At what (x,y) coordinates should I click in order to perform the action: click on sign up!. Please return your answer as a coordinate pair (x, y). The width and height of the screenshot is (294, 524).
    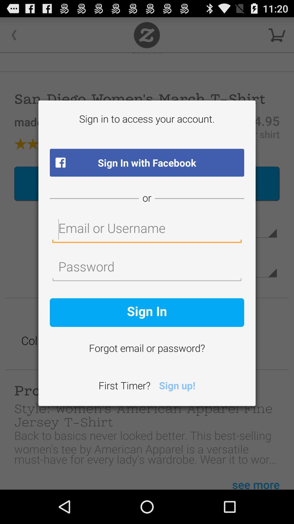
    Looking at the image, I should click on (177, 386).